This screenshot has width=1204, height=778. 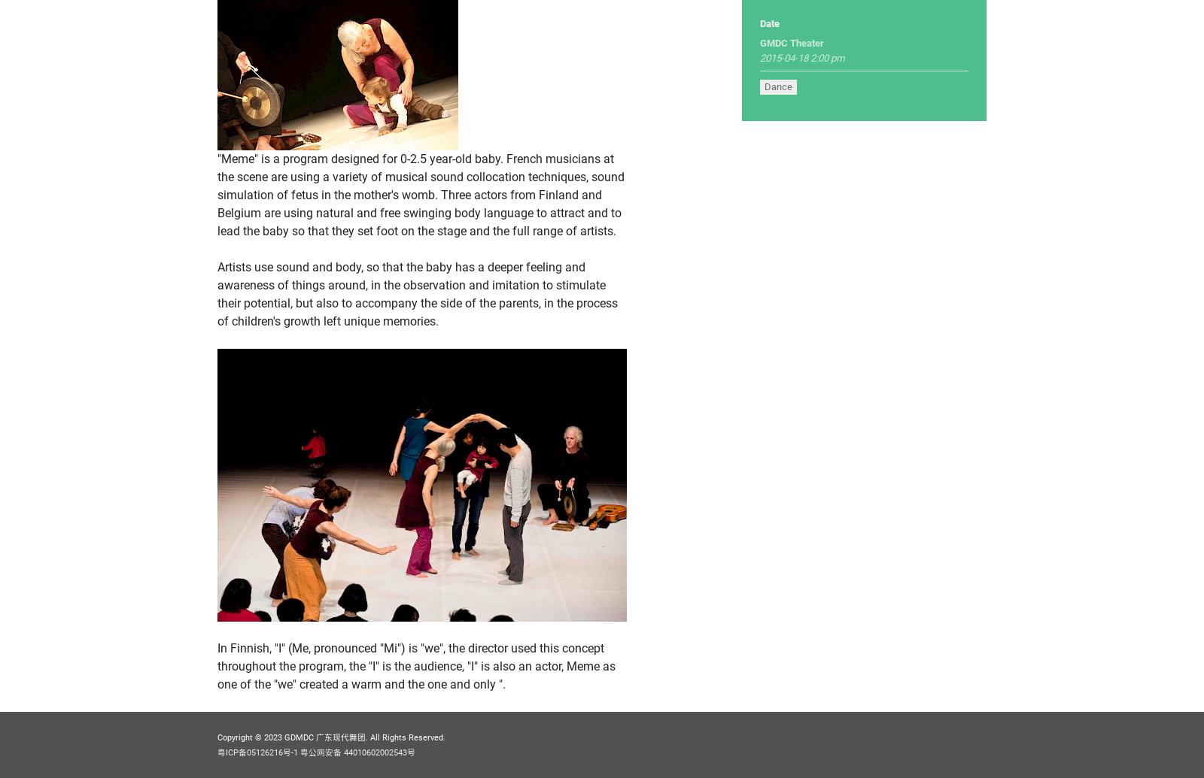 What do you see at coordinates (759, 58) in the screenshot?
I see `'2015-04-18 2:00 pm'` at bounding box center [759, 58].